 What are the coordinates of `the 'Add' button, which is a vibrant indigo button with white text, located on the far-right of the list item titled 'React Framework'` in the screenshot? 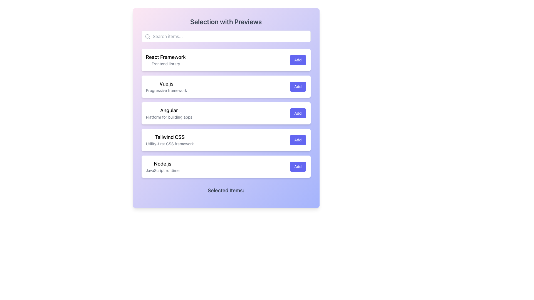 It's located at (297, 60).